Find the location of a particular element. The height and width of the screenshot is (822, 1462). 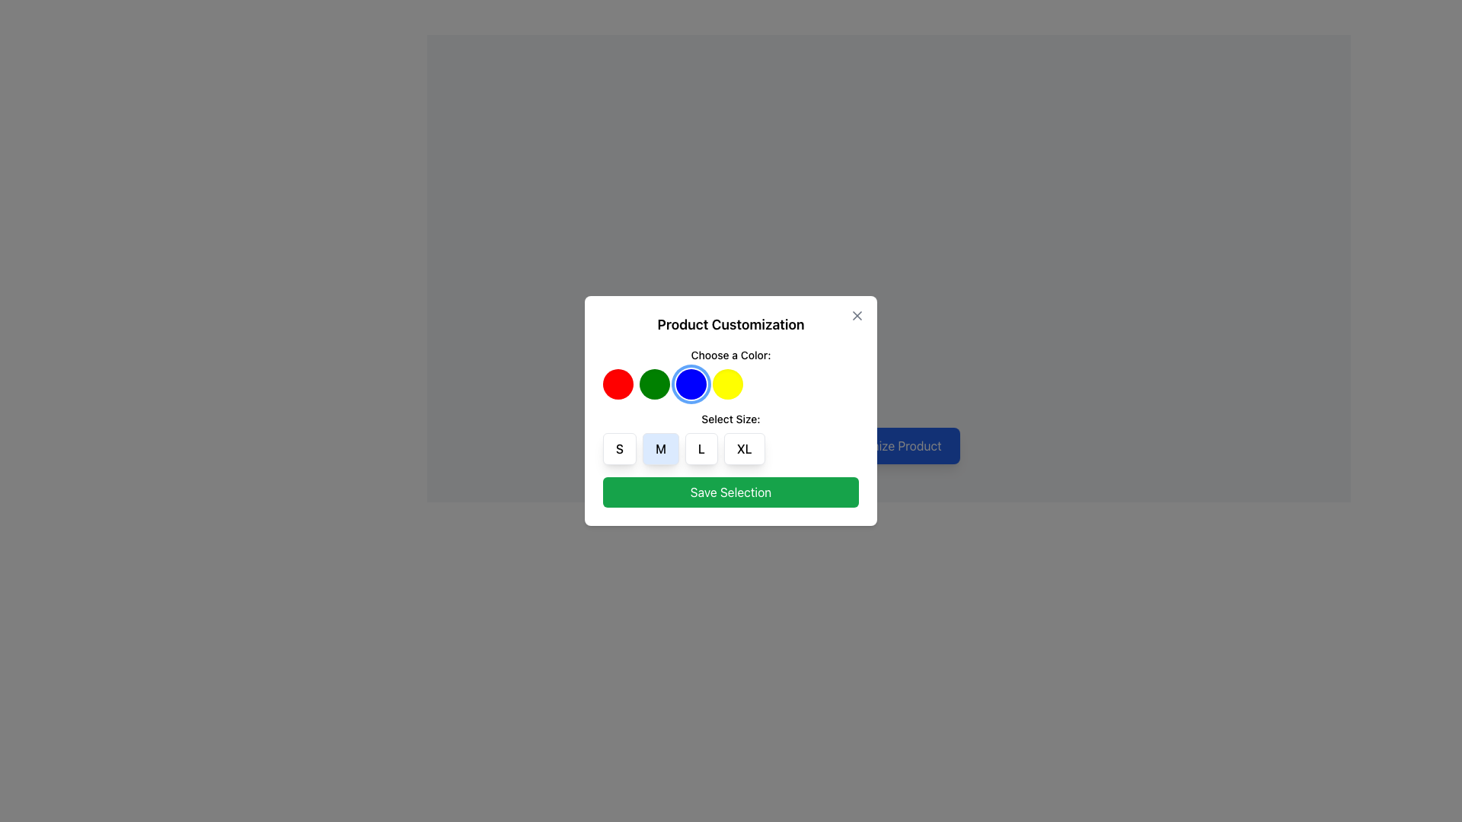

the 'Save Selection' button, which is a rectangular button with a green background and white text, located at the bottom of the modal window is located at coordinates (731, 492).